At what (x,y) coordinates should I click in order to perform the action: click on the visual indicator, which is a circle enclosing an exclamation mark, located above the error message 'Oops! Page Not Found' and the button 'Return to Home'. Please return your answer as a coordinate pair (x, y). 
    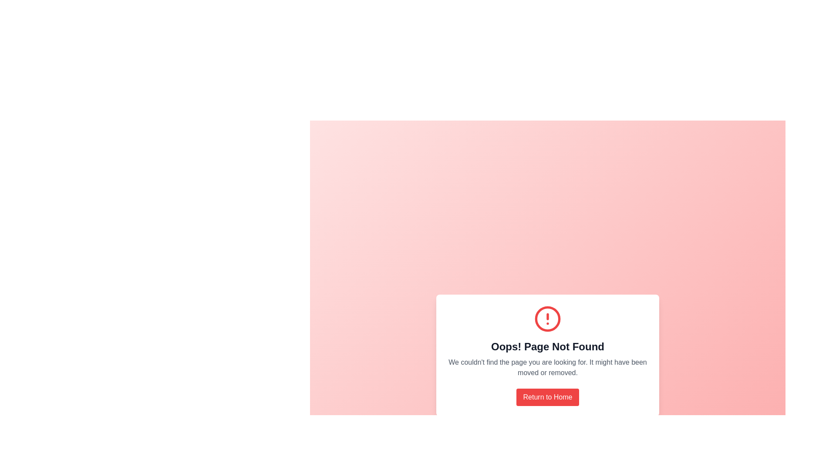
    Looking at the image, I should click on (547, 319).